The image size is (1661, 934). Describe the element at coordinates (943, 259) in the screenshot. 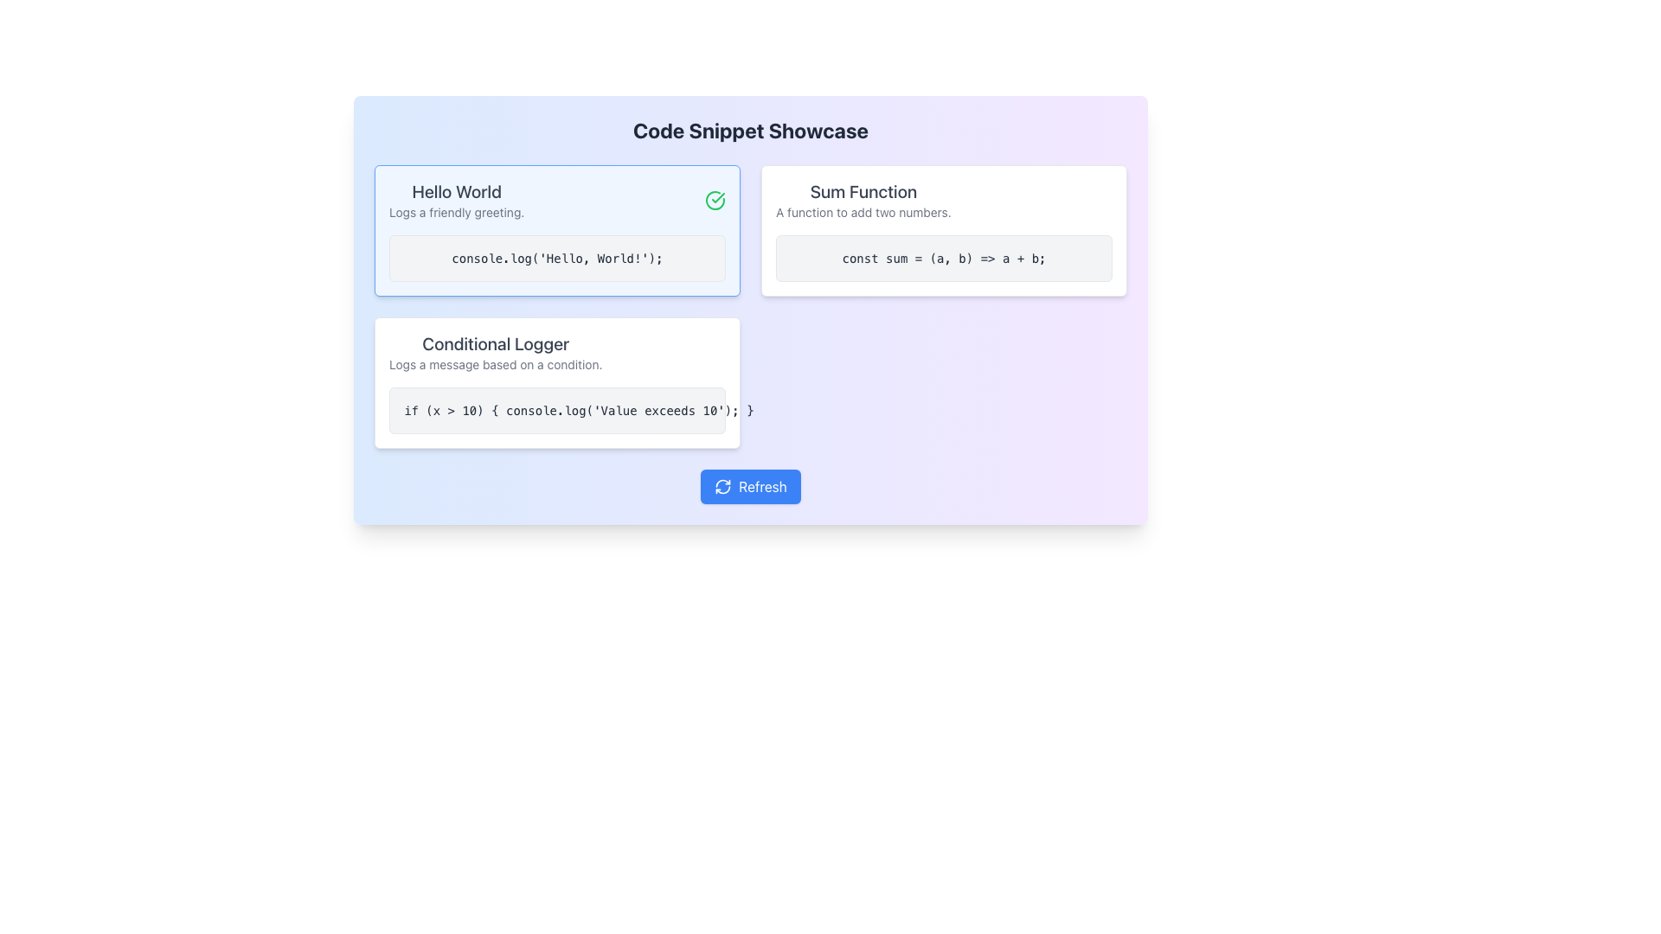

I see `code snippet contained in the light gray box within the 'Sum Function' card located on the top right of the interface` at that location.